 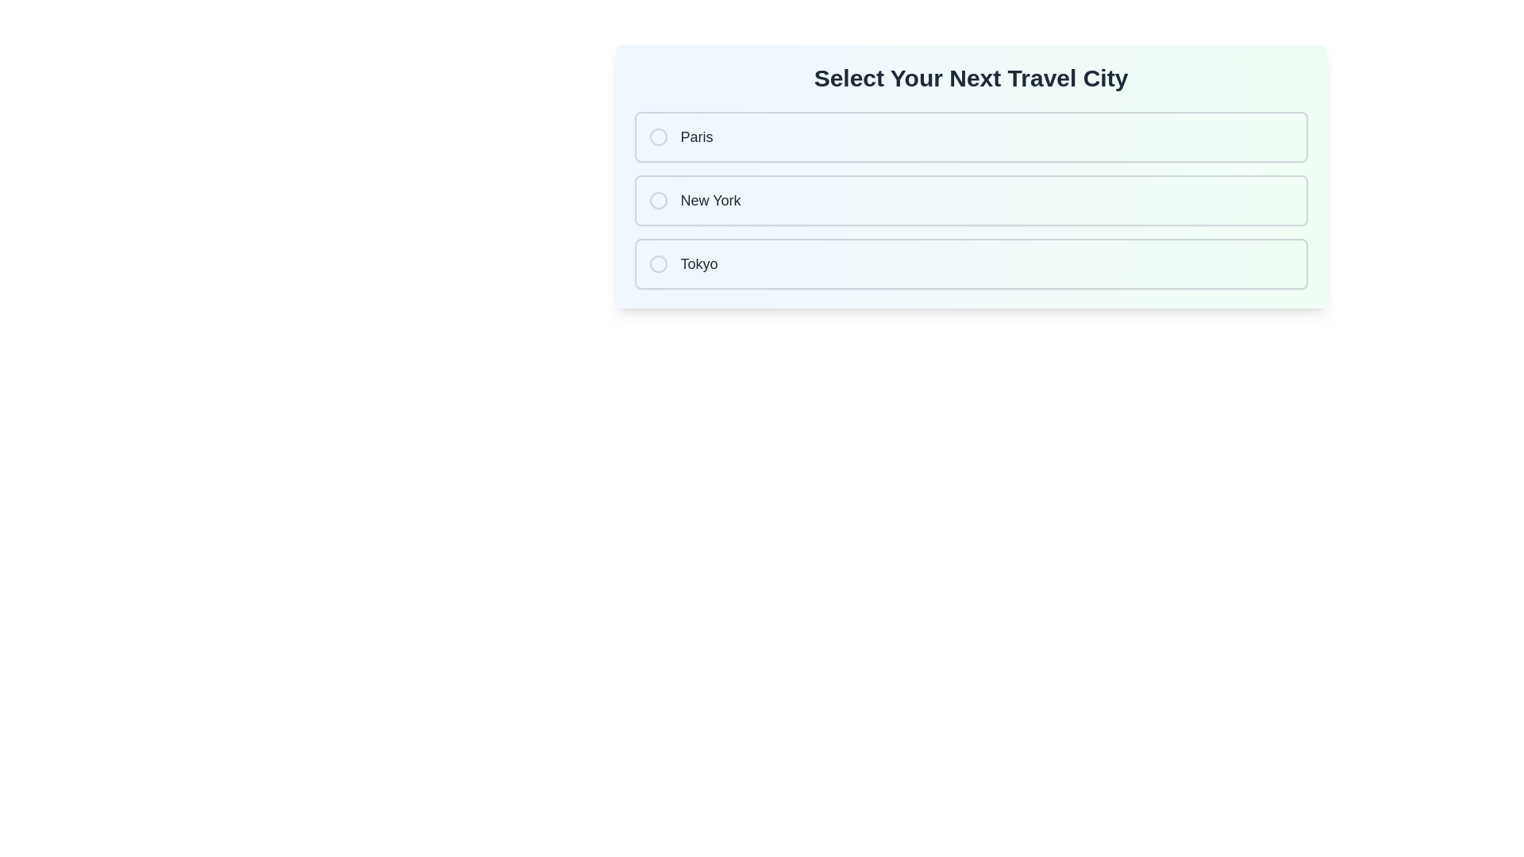 What do you see at coordinates (658, 200) in the screenshot?
I see `the circular radio button with a light gray outline` at bounding box center [658, 200].